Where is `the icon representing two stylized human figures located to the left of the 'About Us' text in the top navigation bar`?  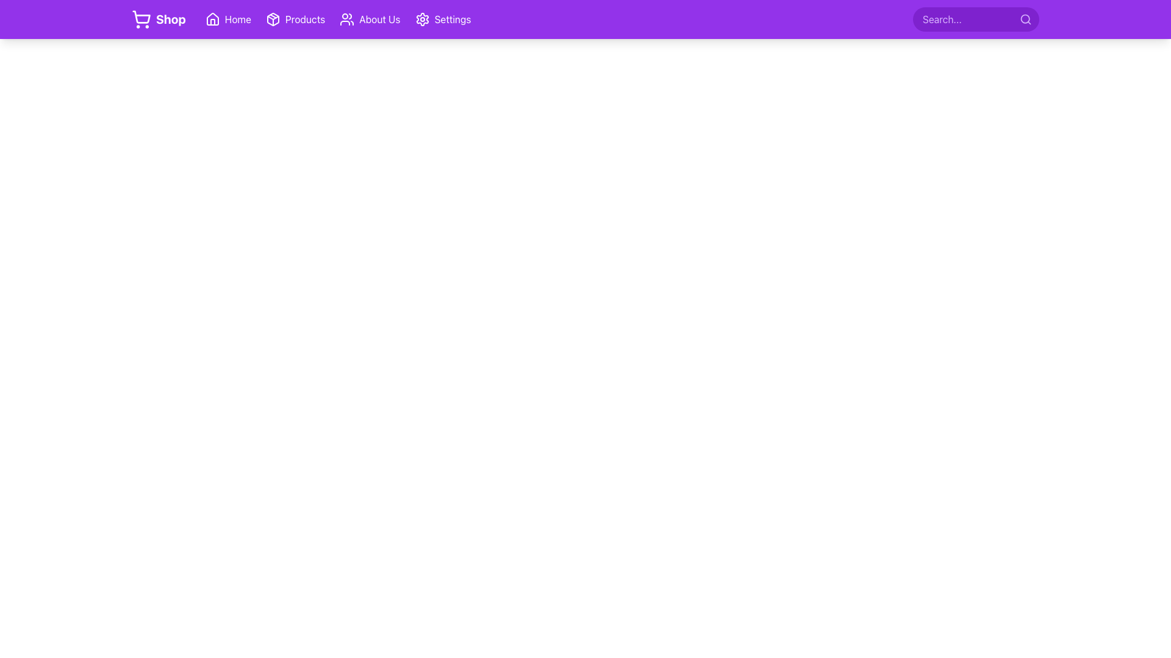 the icon representing two stylized human figures located to the left of the 'About Us' text in the top navigation bar is located at coordinates (346, 19).